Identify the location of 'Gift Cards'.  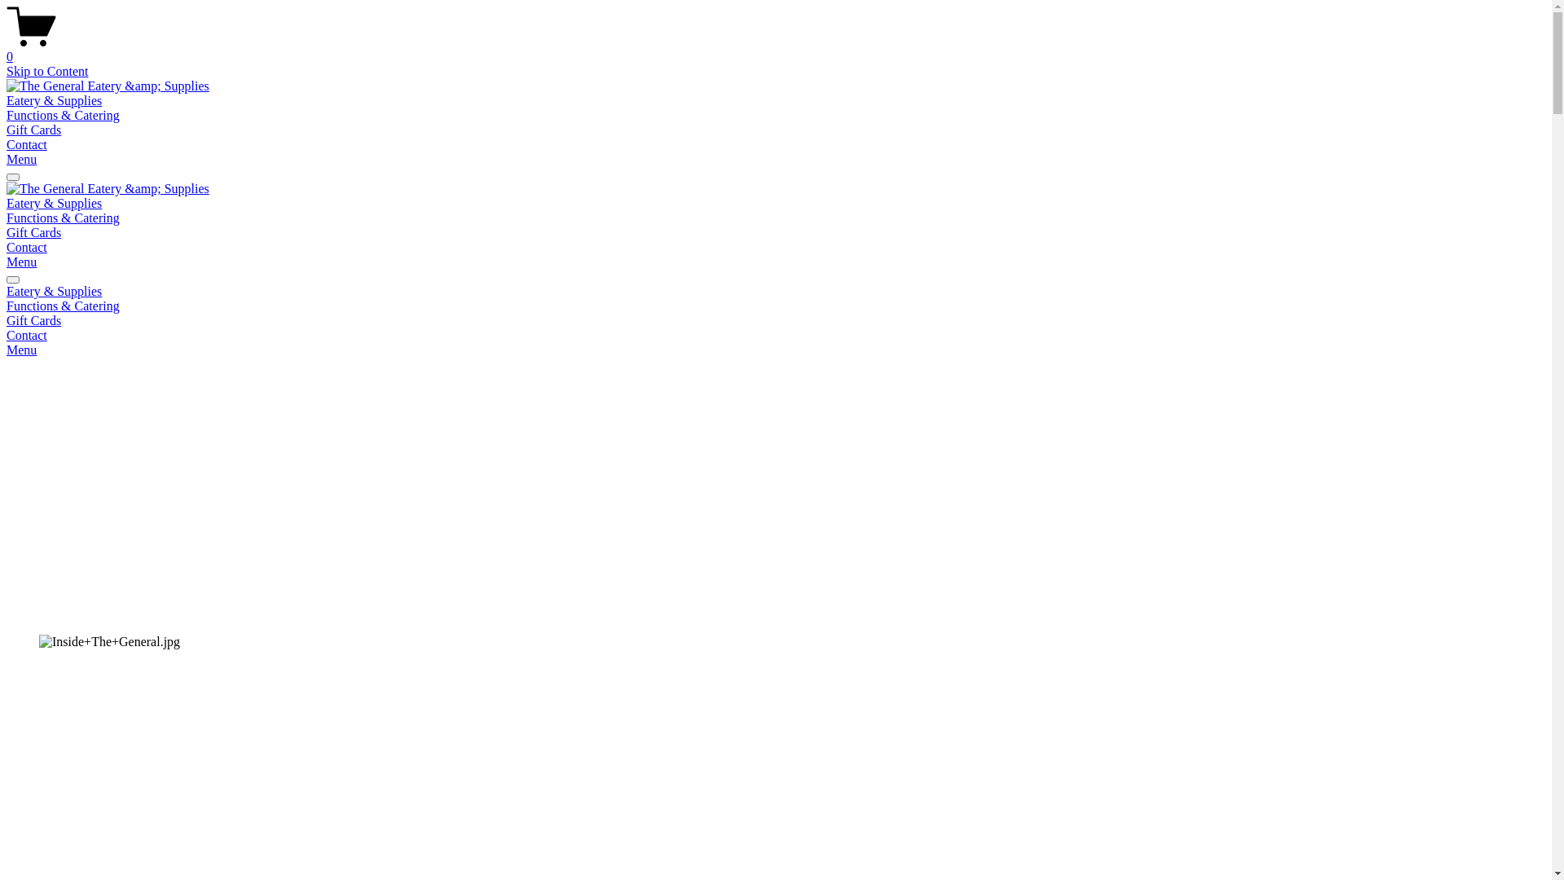
(7, 232).